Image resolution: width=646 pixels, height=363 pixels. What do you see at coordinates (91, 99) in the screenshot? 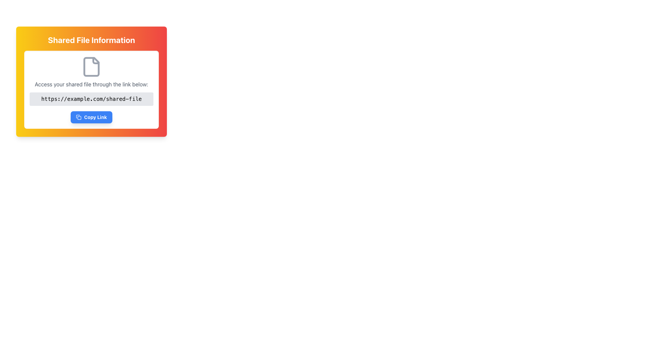
I see `the static text display showing the URL 'https://example.com/shared-file' that has a rounded light-gray background and is center-aligned` at bounding box center [91, 99].